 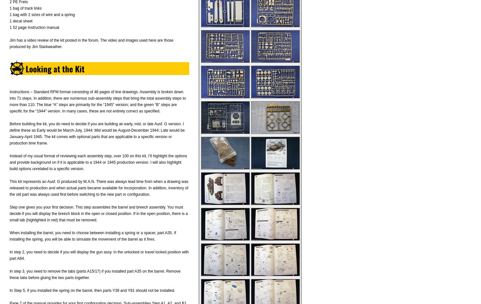 What do you see at coordinates (10, 8) in the screenshot?
I see `'1 bag of track links'` at bounding box center [10, 8].